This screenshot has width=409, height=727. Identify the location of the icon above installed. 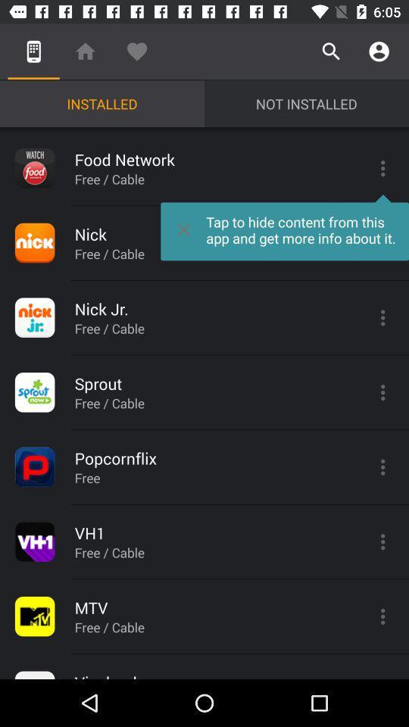
(137, 51).